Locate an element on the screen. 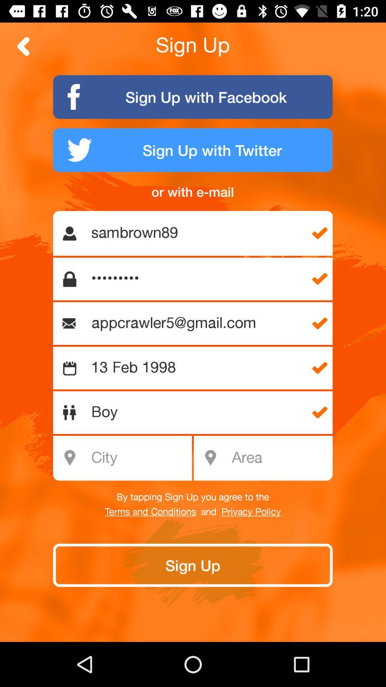  icon to the left of the and icon is located at coordinates (150, 512).